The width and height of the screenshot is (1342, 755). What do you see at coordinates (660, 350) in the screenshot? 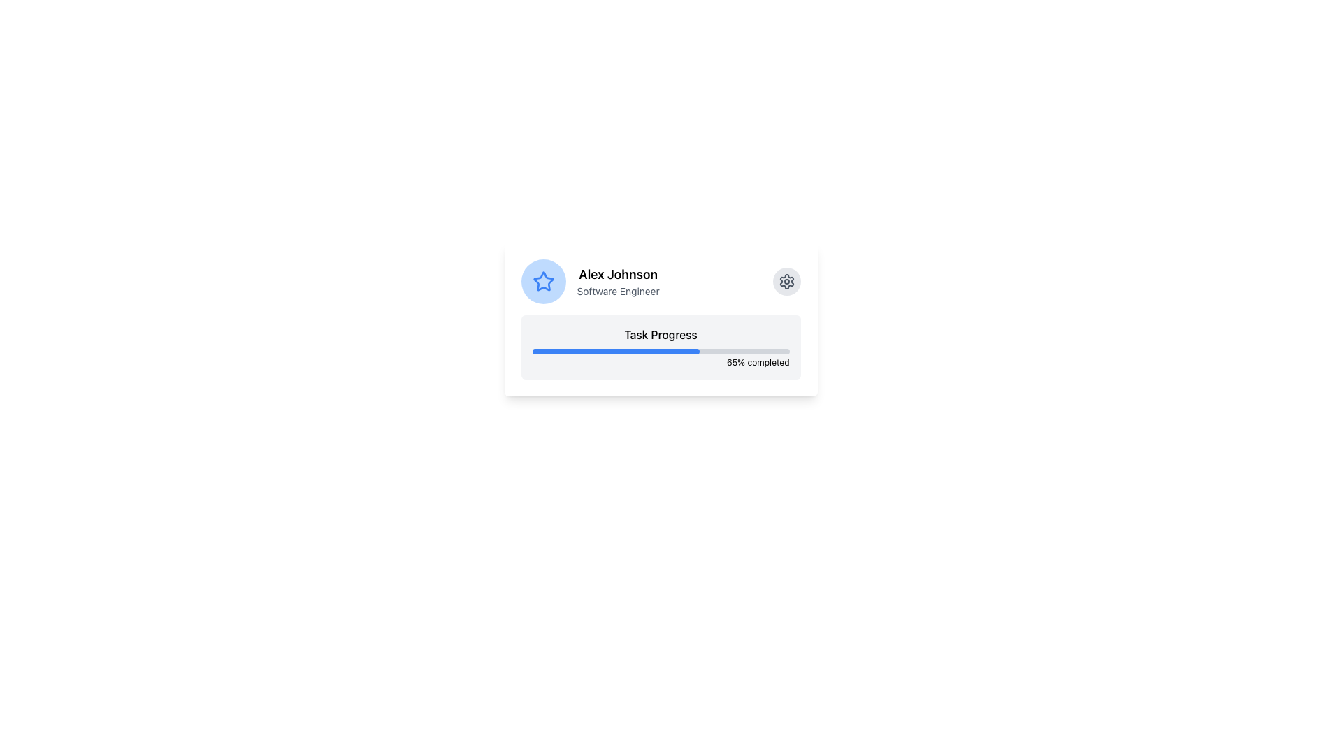
I see `the Progress Bar, which is a horizontal bar with rounded ends, featuring a lighter gray background and a blue progress segment extending to approximately 65% of its length, located beneath the label 'Task Progress' and aligned with '65% completed'` at bounding box center [660, 350].